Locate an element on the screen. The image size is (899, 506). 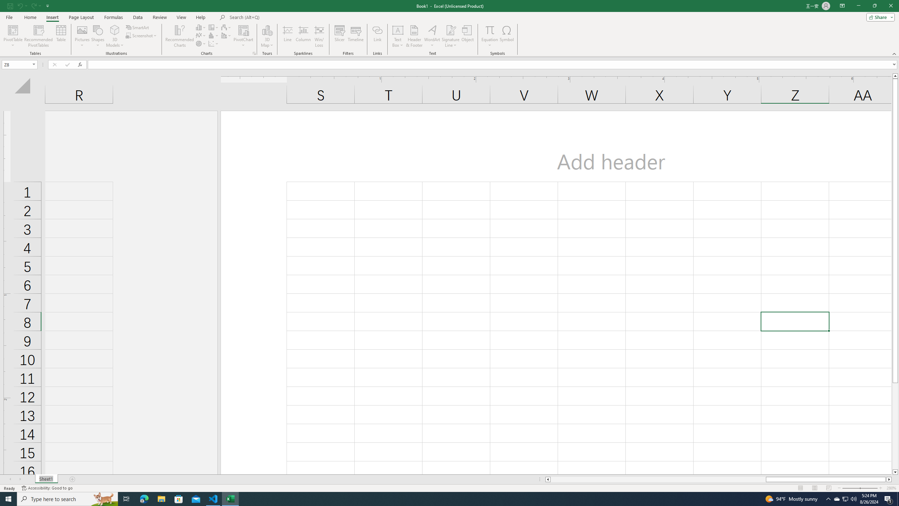
'Signature Line' is located at coordinates (451, 36).